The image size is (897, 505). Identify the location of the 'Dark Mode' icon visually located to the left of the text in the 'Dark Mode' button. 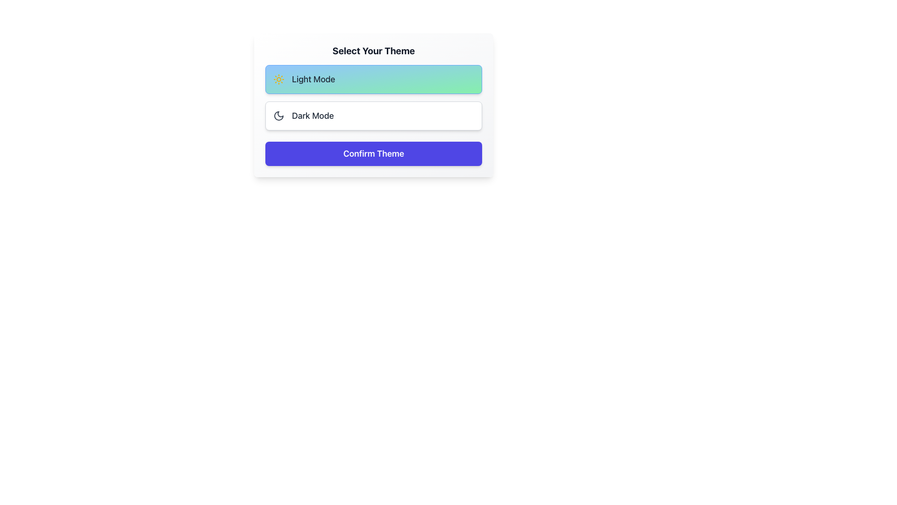
(278, 115).